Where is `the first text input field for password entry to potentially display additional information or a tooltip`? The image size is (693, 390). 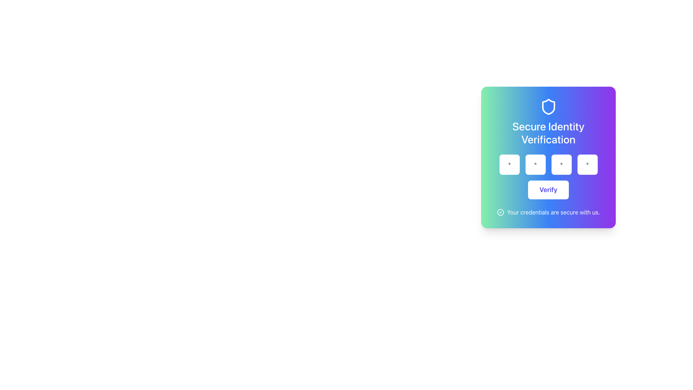 the first text input field for password entry to potentially display additional information or a tooltip is located at coordinates (509, 164).